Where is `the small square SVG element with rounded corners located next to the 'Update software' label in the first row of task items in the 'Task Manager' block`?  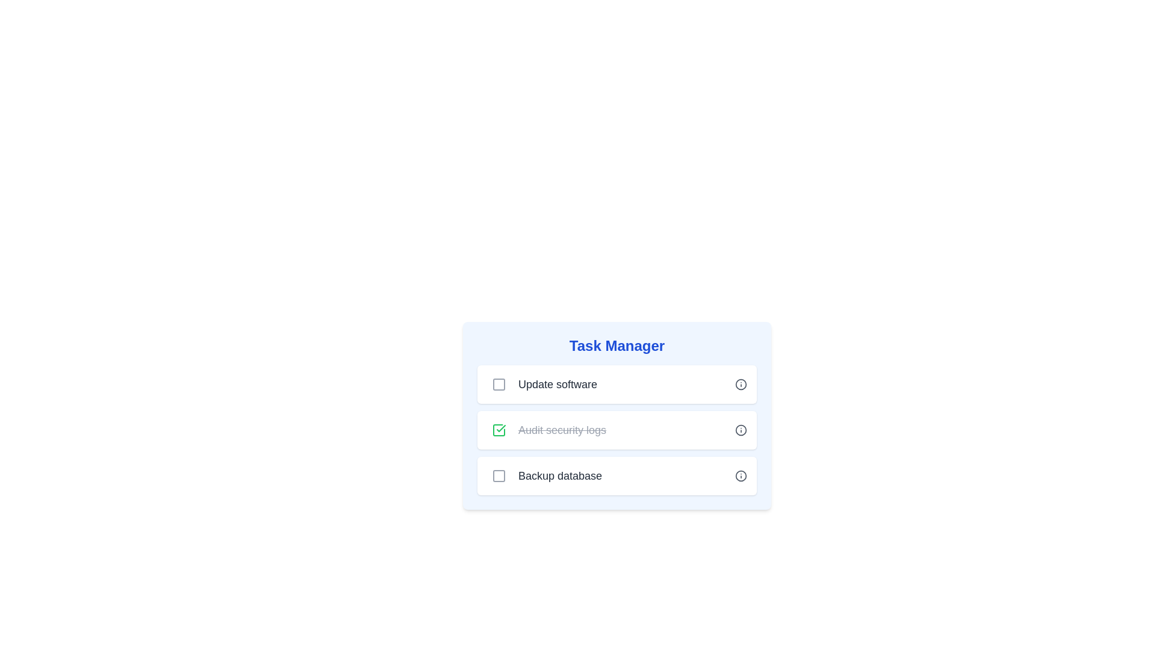
the small square SVG element with rounded corners located next to the 'Update software' label in the first row of task items in the 'Task Manager' block is located at coordinates (499, 385).